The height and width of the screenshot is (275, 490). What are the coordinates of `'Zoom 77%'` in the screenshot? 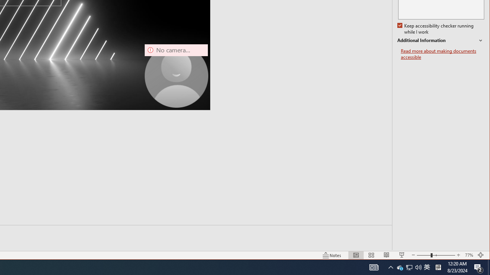 It's located at (469, 255).